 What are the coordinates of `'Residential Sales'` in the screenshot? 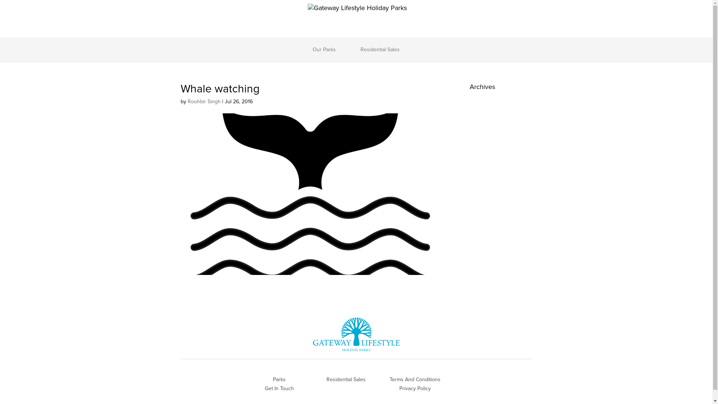 It's located at (348, 49).